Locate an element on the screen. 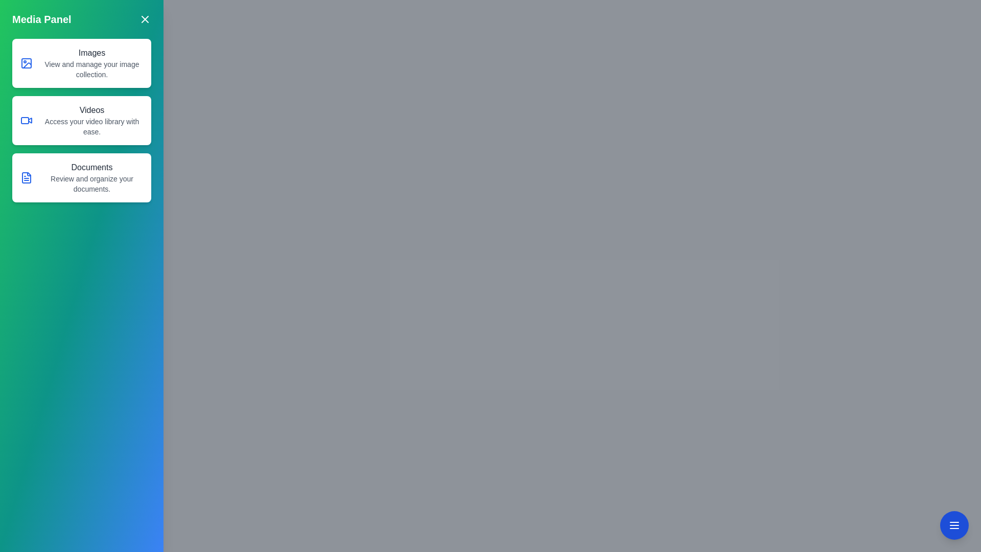 This screenshot has width=981, height=552. the 'Documents' text block, which features a bold title and a smaller grey subtitle is located at coordinates (92, 177).